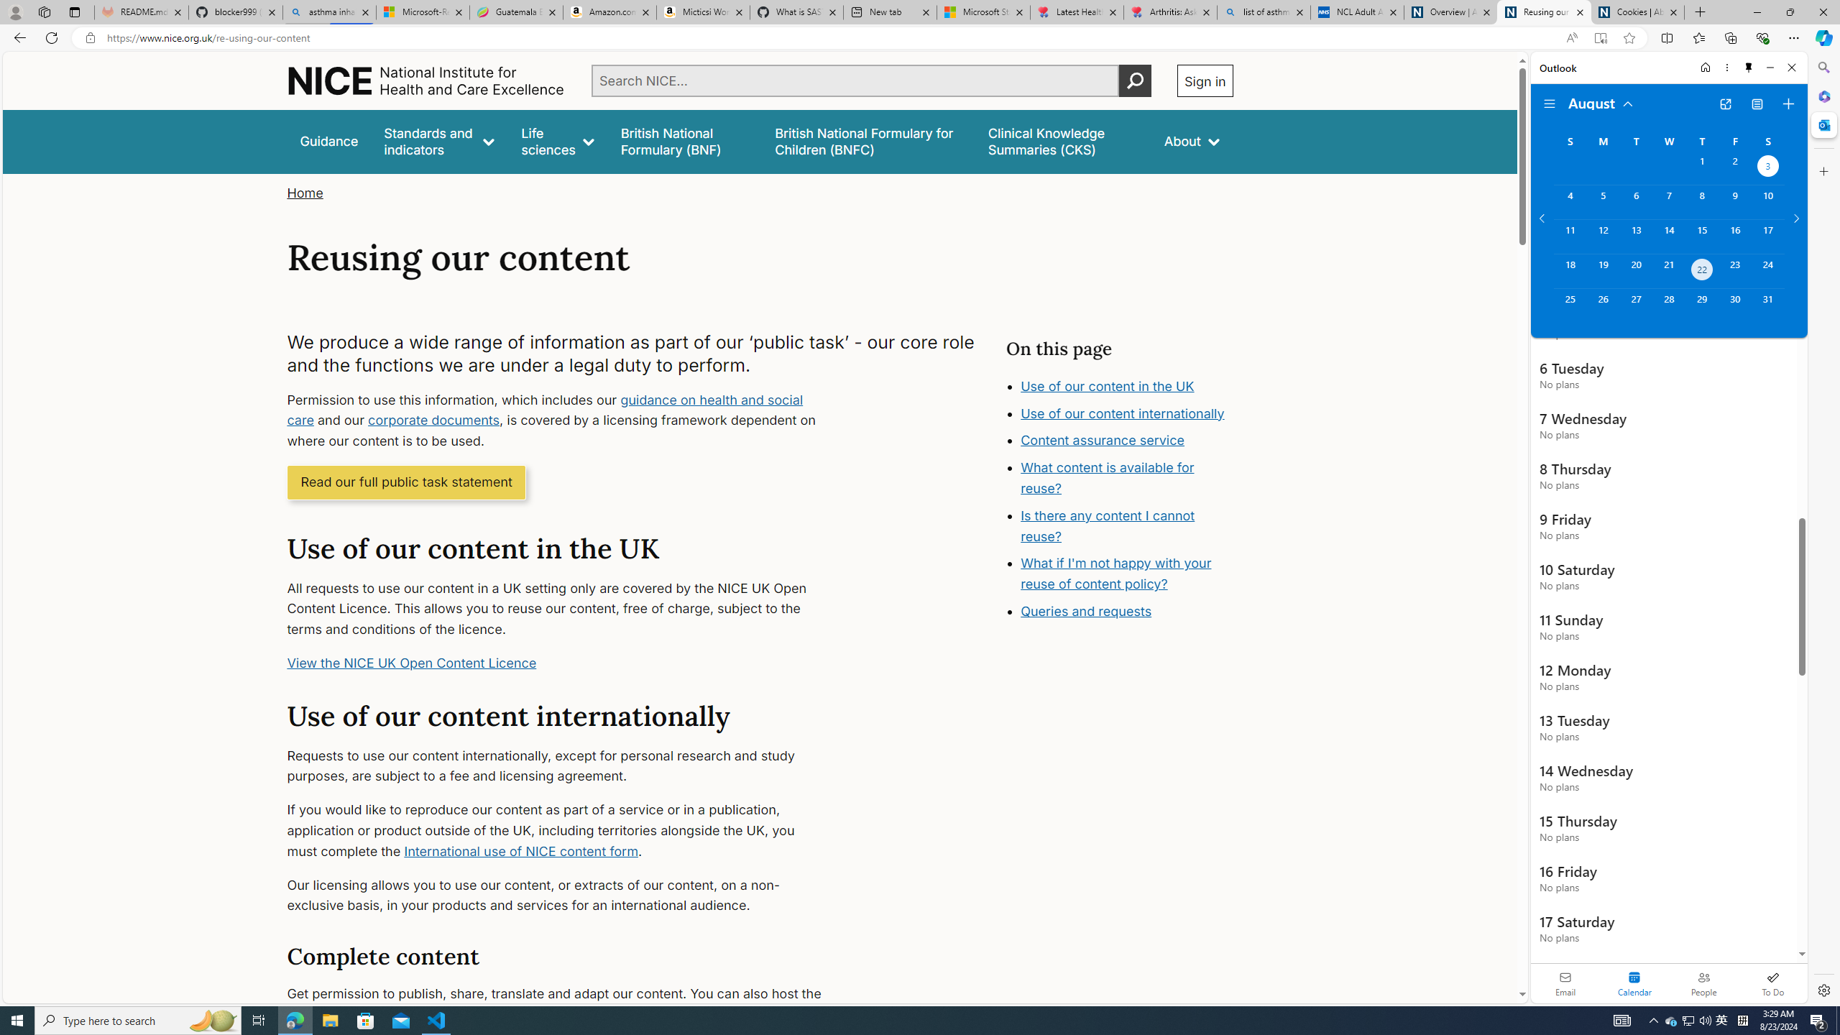  What do you see at coordinates (1788, 104) in the screenshot?
I see `'Create event'` at bounding box center [1788, 104].